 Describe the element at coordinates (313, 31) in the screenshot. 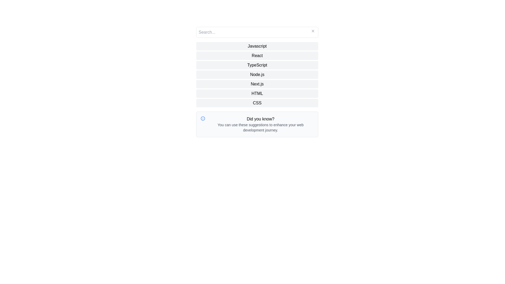

I see `the clear button positioned at the top-right corner of the input field to reset or erase the field's content` at that location.